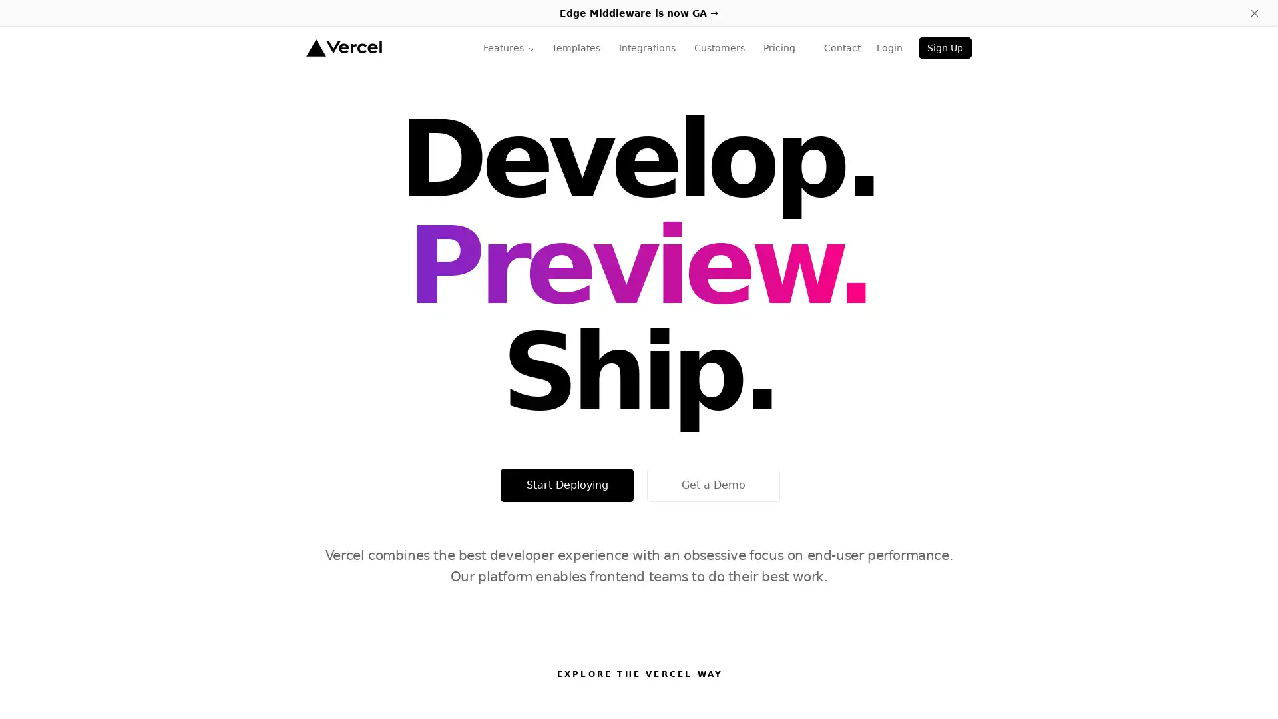  Describe the element at coordinates (343, 47) in the screenshot. I see `home` at that location.